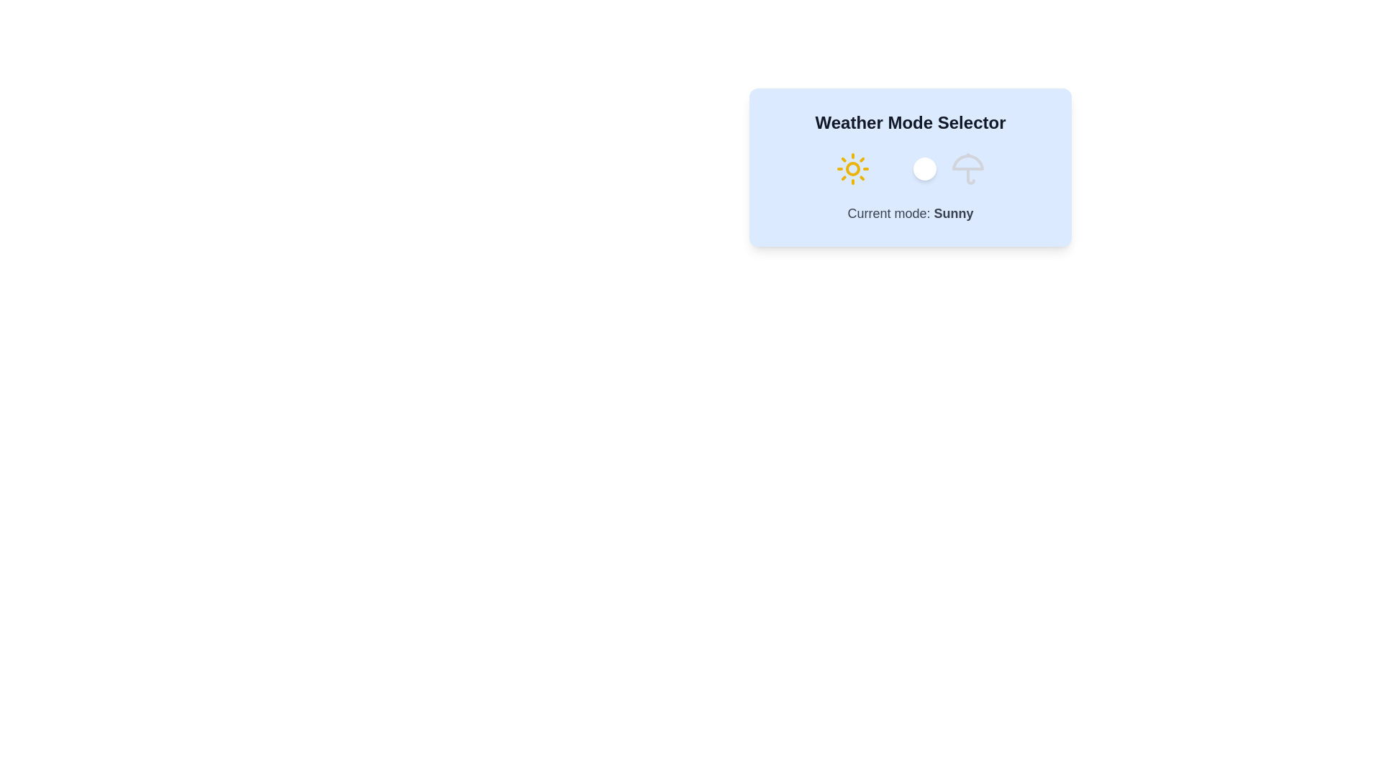  Describe the element at coordinates (910, 168) in the screenshot. I see `the toggle switch of the 'Weather Mode Selector'` at that location.